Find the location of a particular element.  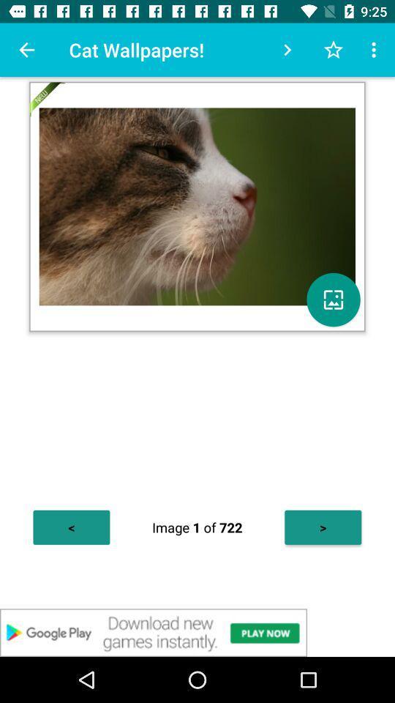

advertisement page is located at coordinates (197, 632).